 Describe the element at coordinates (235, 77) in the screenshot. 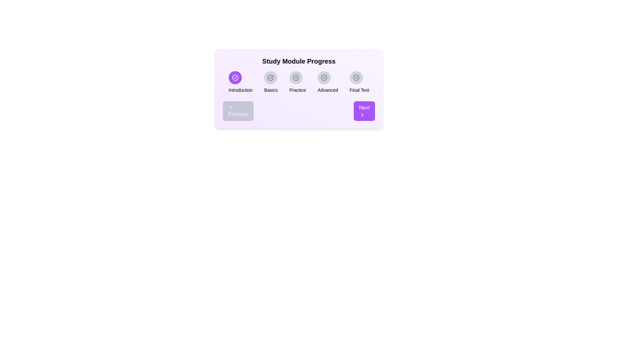

I see `the circular icon with a checkmark inside, styled in line art, encased within a purple circular button, located under the headline 'Study Module Progress' and aligned with the label 'Introduction'` at that location.